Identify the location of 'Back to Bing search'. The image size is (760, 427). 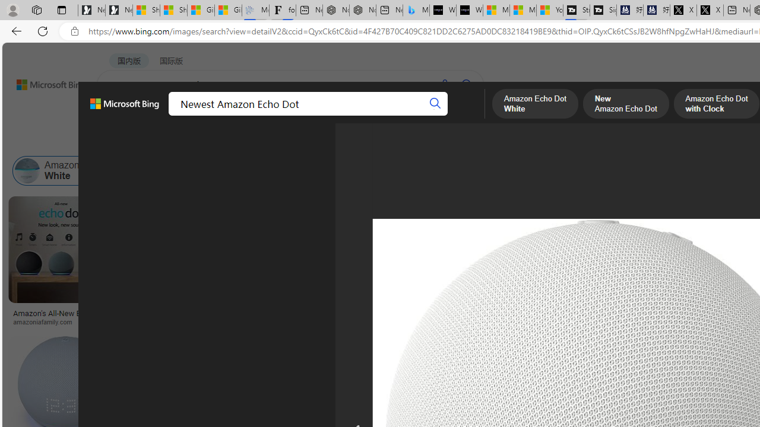
(43, 81).